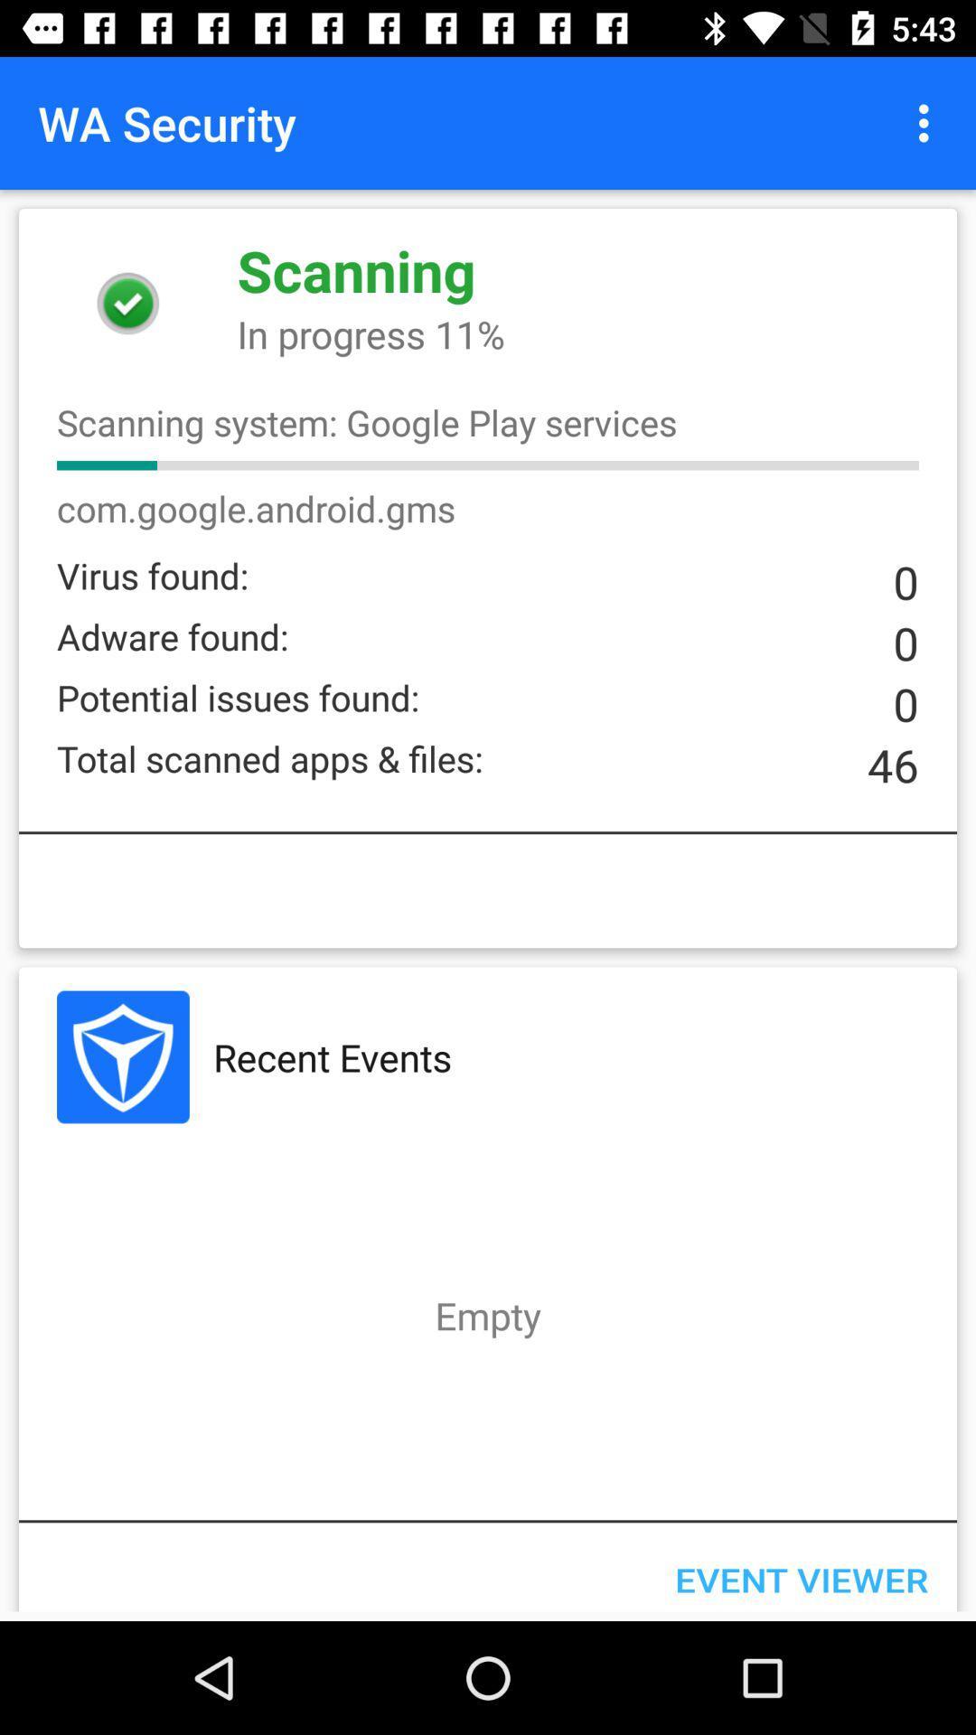 The height and width of the screenshot is (1735, 976). Describe the element at coordinates (801, 1571) in the screenshot. I see `event viewer` at that location.